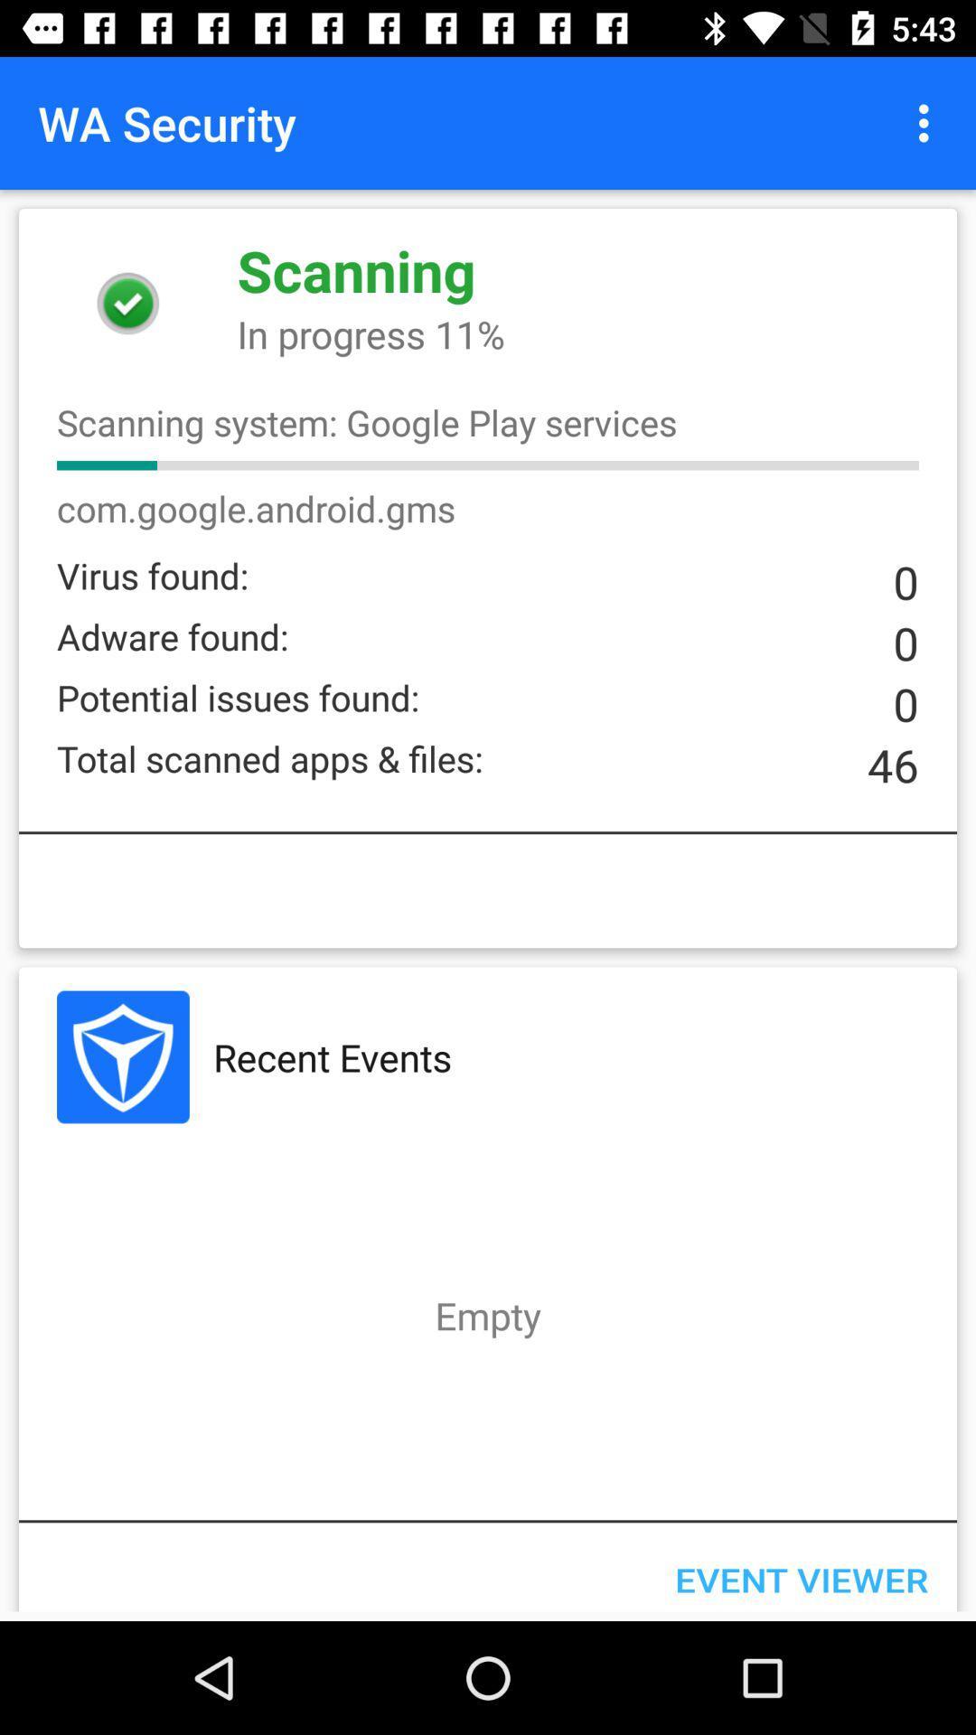 The height and width of the screenshot is (1735, 976). Describe the element at coordinates (801, 1571) in the screenshot. I see `event viewer` at that location.